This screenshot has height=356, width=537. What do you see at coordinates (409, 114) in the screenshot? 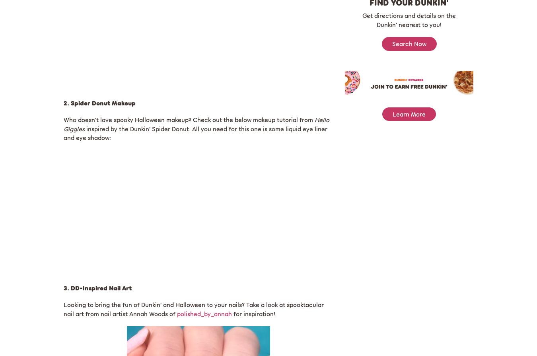
I see `'Learn More'` at bounding box center [409, 114].